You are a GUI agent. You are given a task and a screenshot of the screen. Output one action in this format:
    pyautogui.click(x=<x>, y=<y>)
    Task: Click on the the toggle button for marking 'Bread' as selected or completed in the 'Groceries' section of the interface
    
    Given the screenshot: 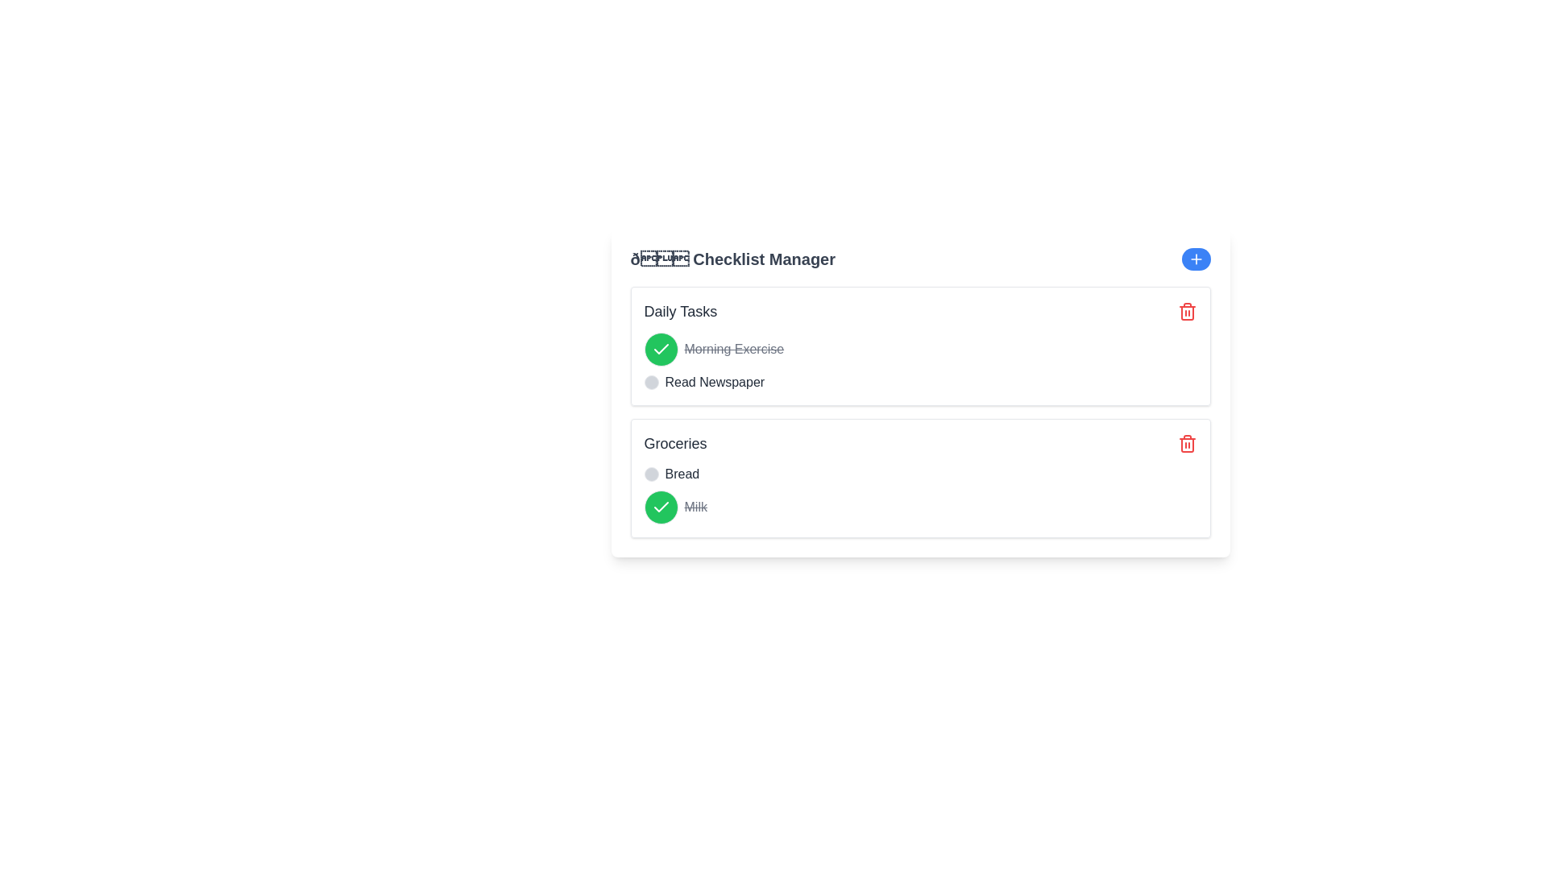 What is the action you would take?
    pyautogui.click(x=651, y=474)
    